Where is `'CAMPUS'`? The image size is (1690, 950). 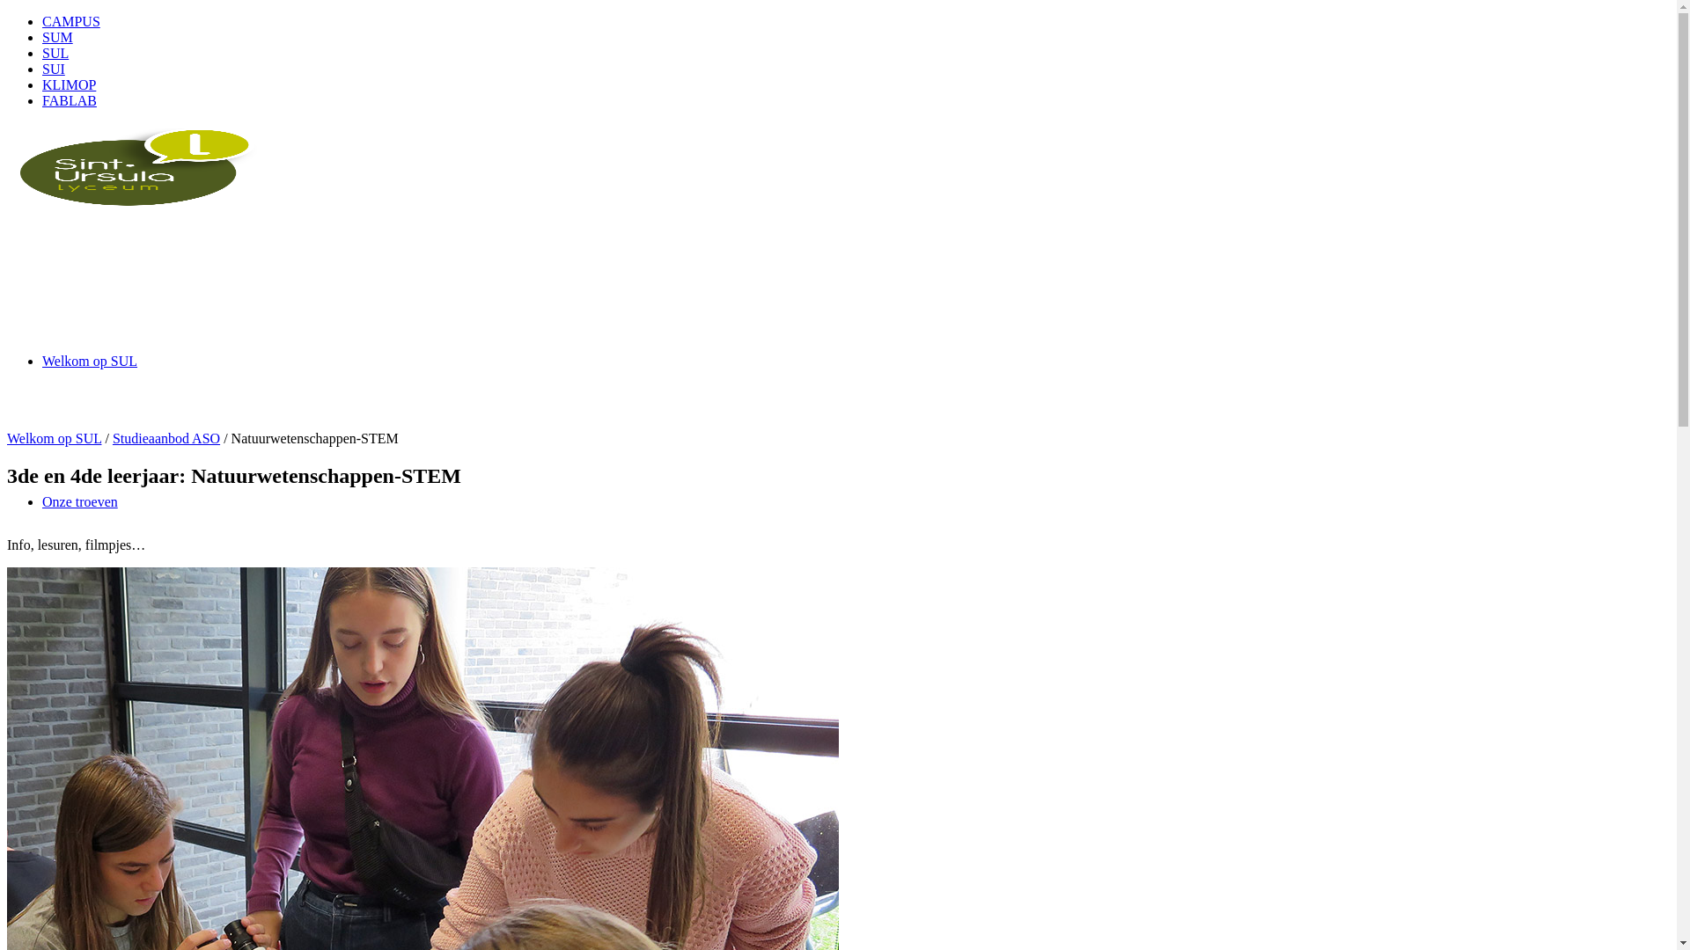 'CAMPUS' is located at coordinates (70, 21).